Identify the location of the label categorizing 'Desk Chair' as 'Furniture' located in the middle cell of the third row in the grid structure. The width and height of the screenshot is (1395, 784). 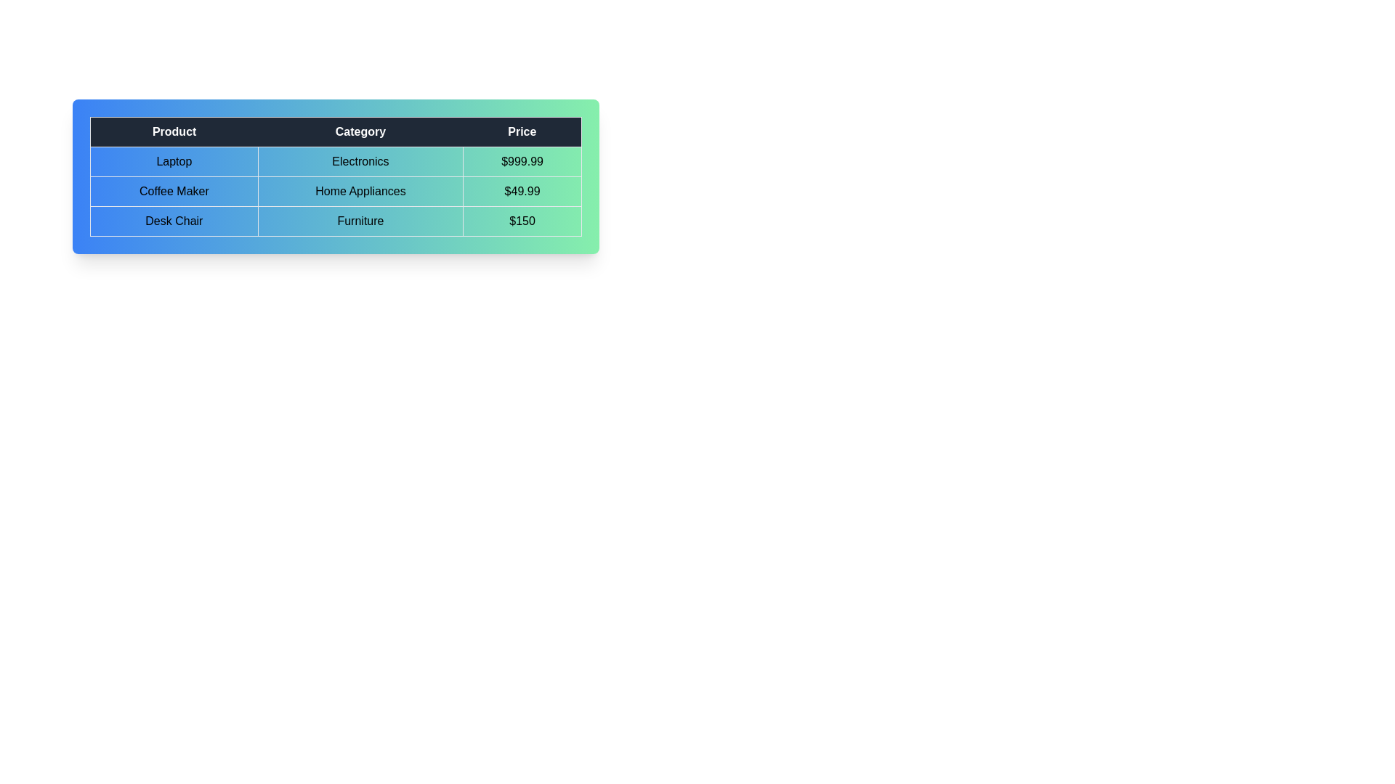
(360, 221).